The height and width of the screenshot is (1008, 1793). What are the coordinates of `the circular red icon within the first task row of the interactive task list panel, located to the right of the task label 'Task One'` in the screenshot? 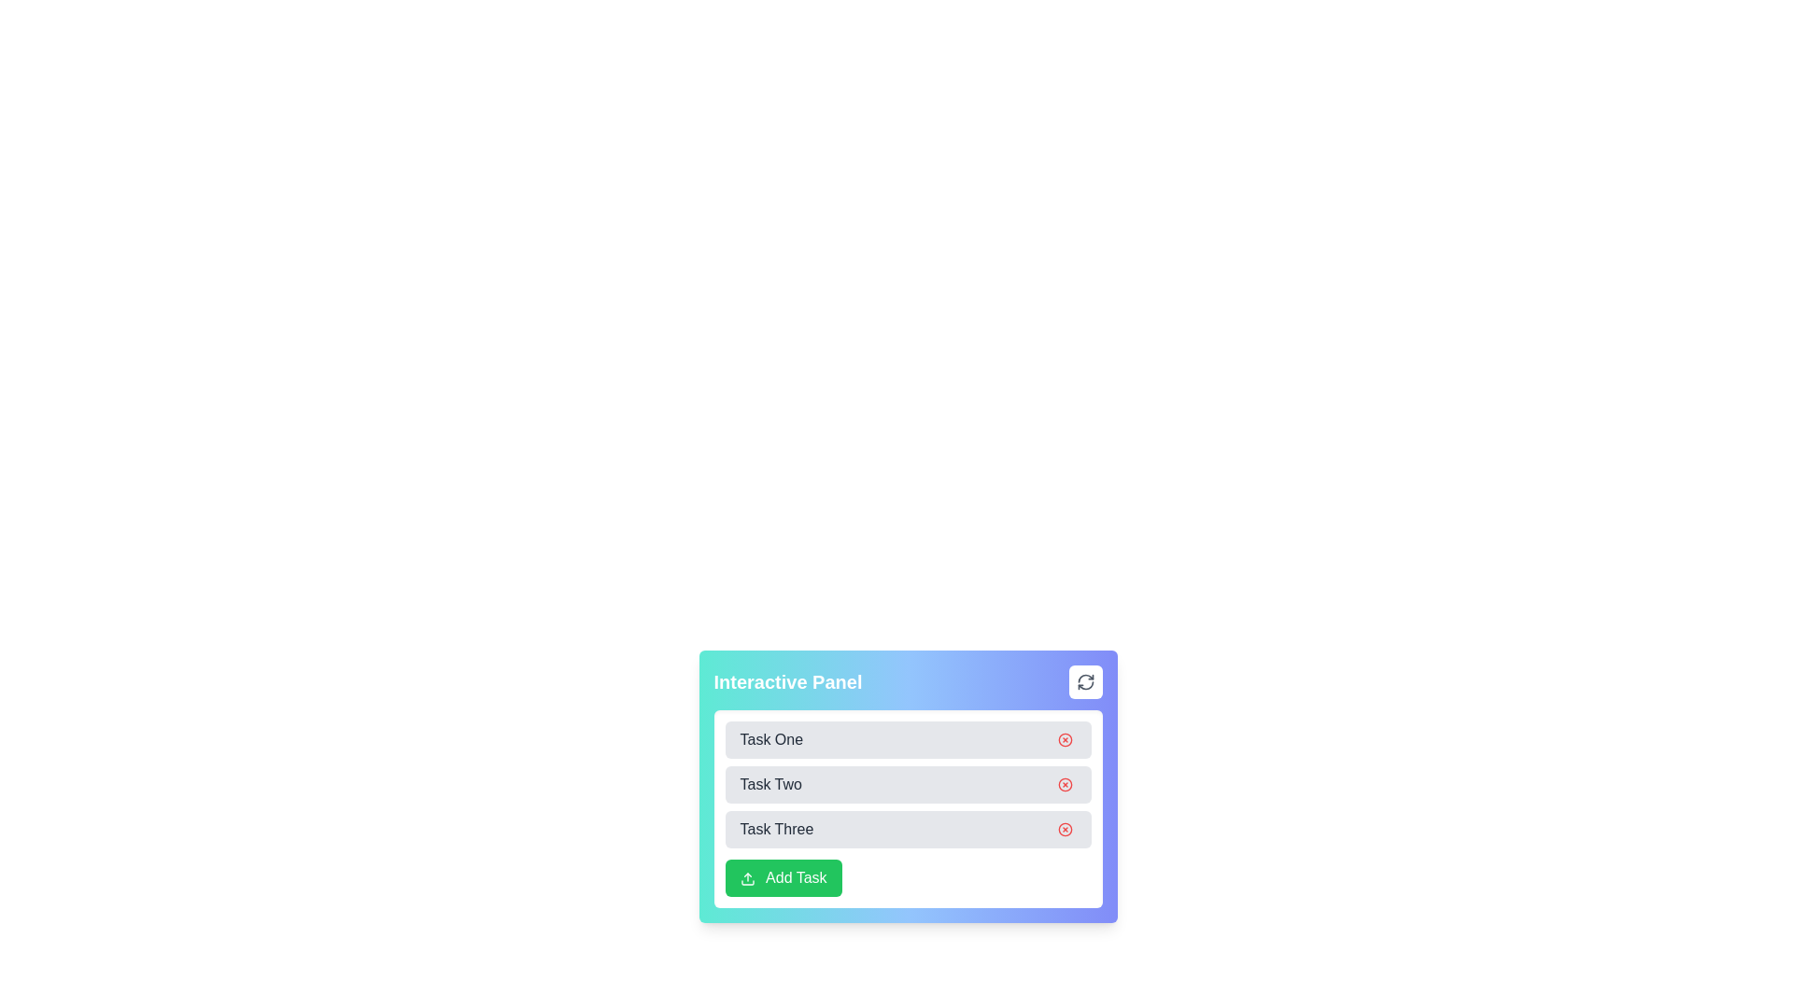 It's located at (1065, 739).